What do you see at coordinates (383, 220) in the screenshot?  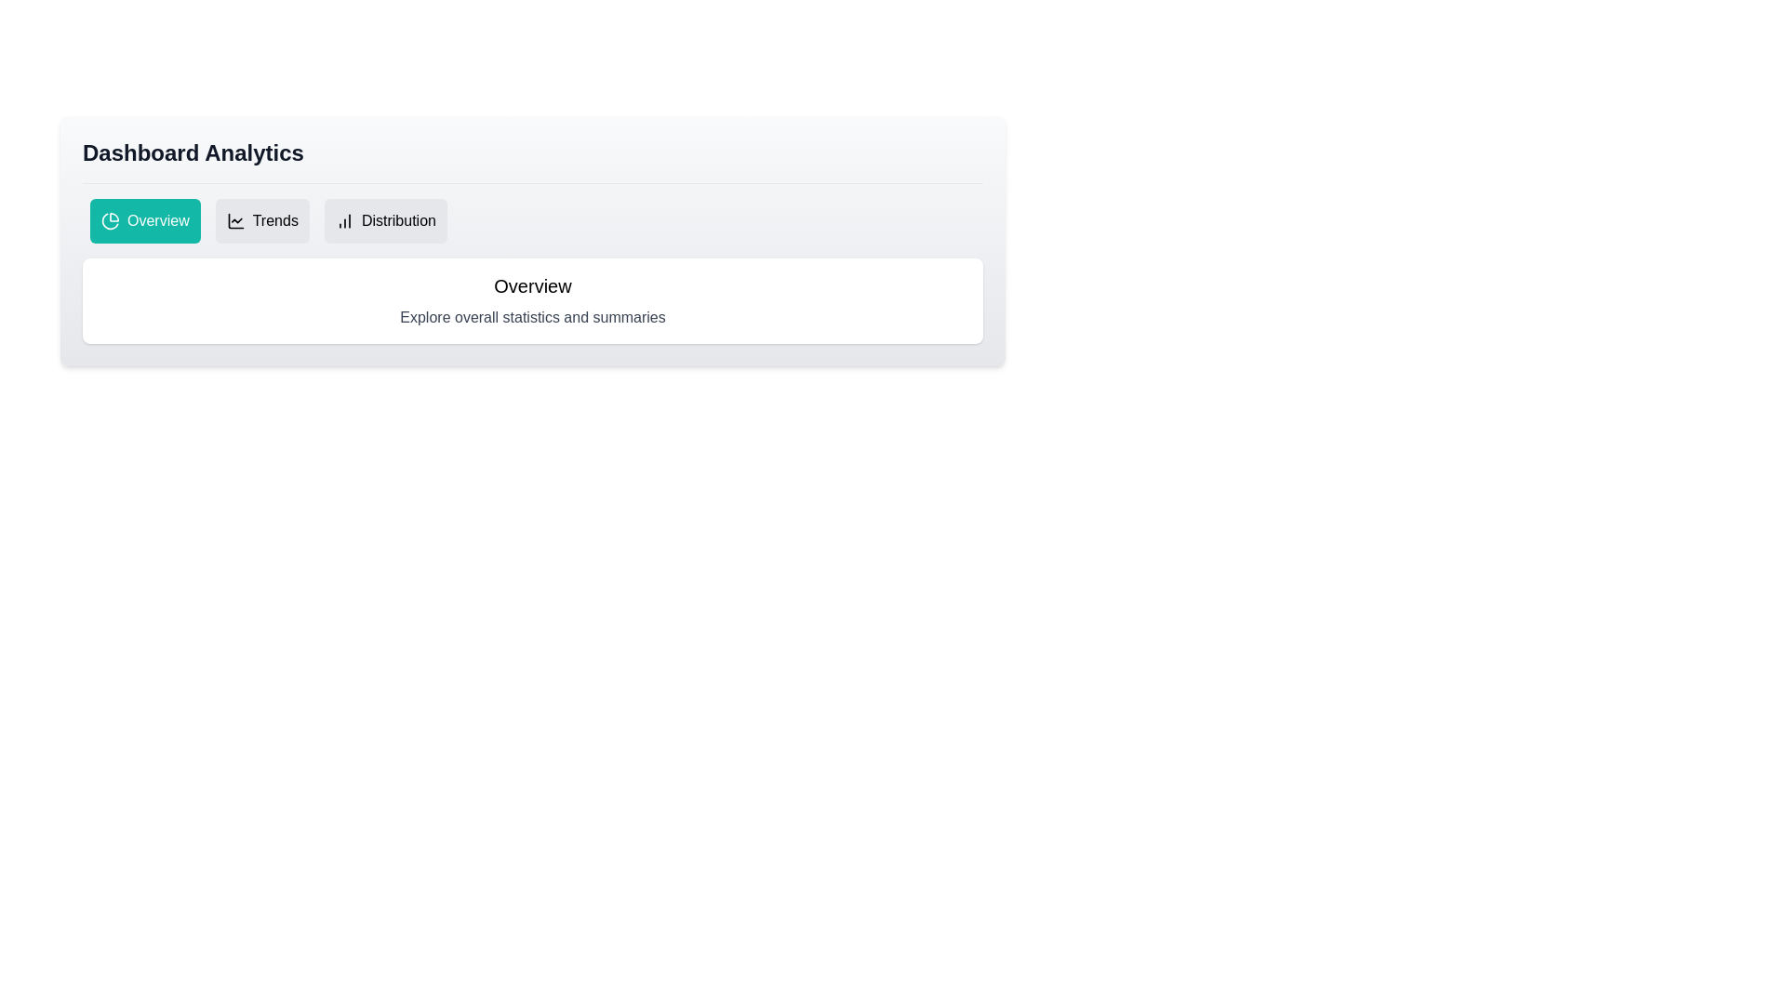 I see `the Distribution tab by clicking on its respective button` at bounding box center [383, 220].